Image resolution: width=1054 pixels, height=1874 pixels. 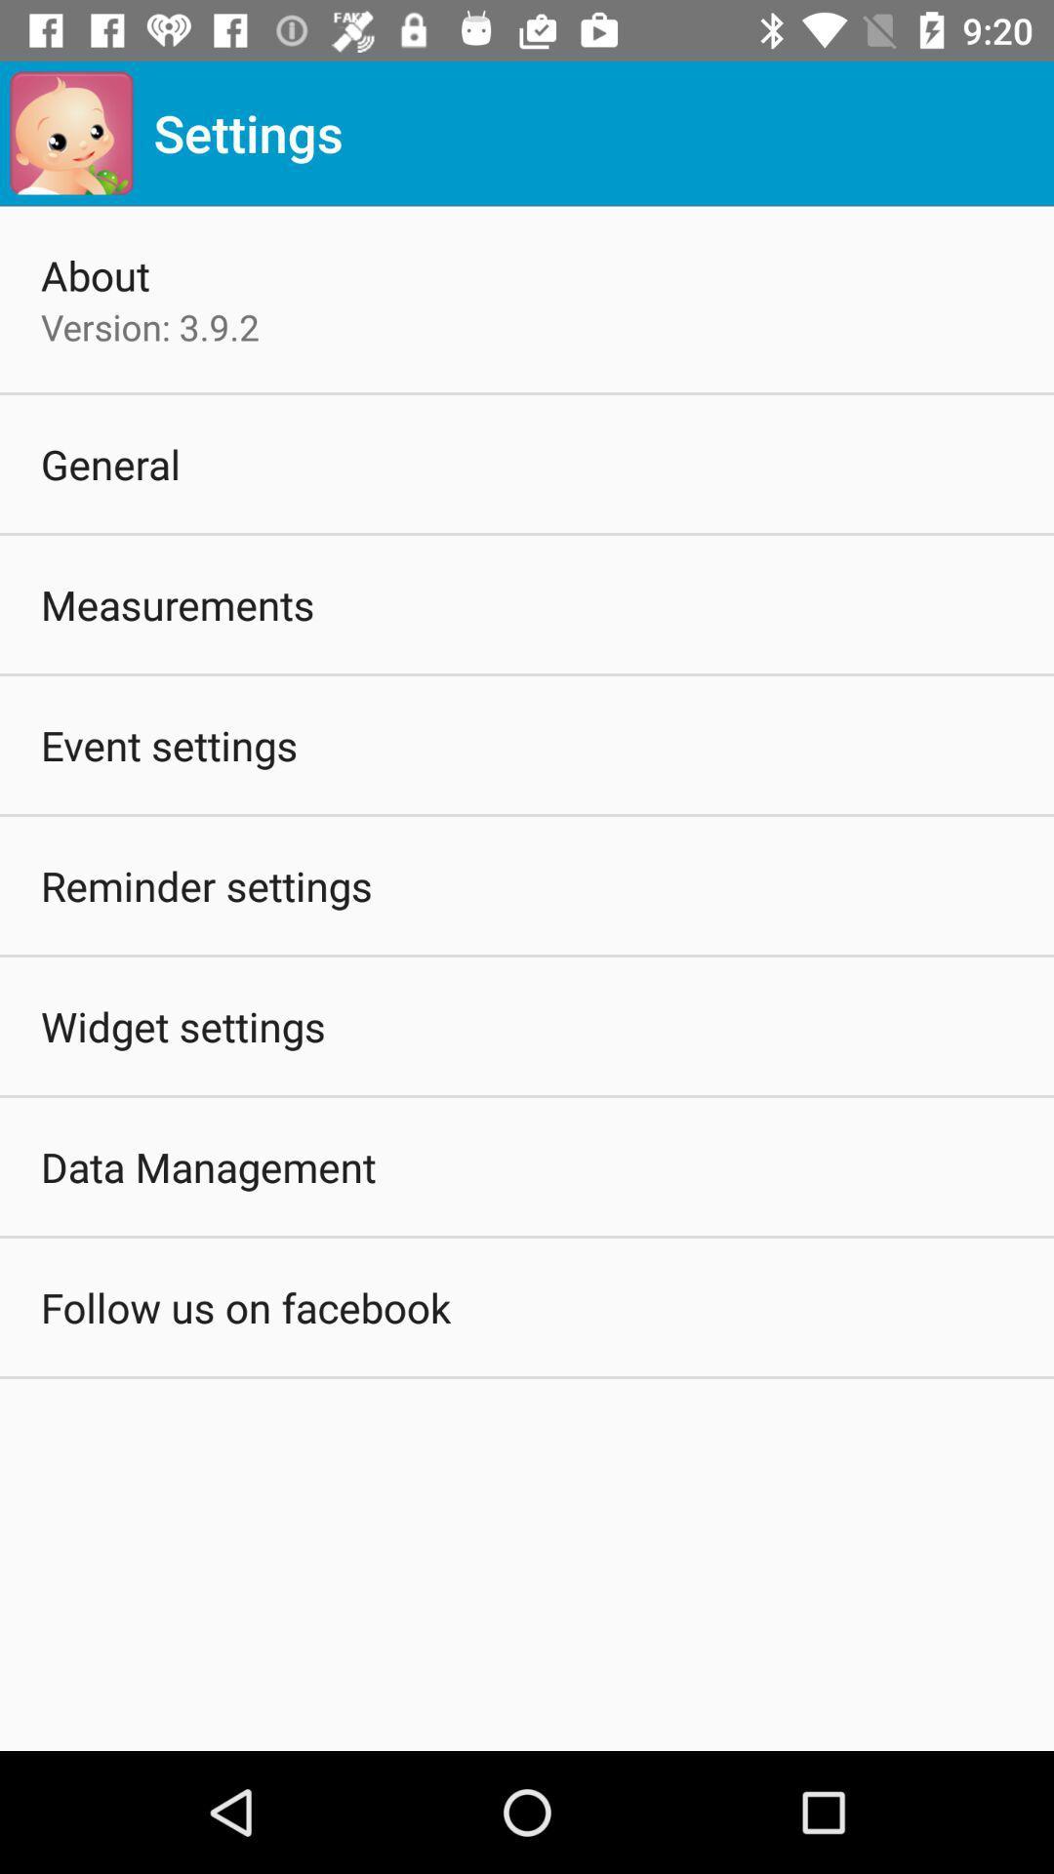 What do you see at coordinates (70, 132) in the screenshot?
I see `app to the left of the settings` at bounding box center [70, 132].